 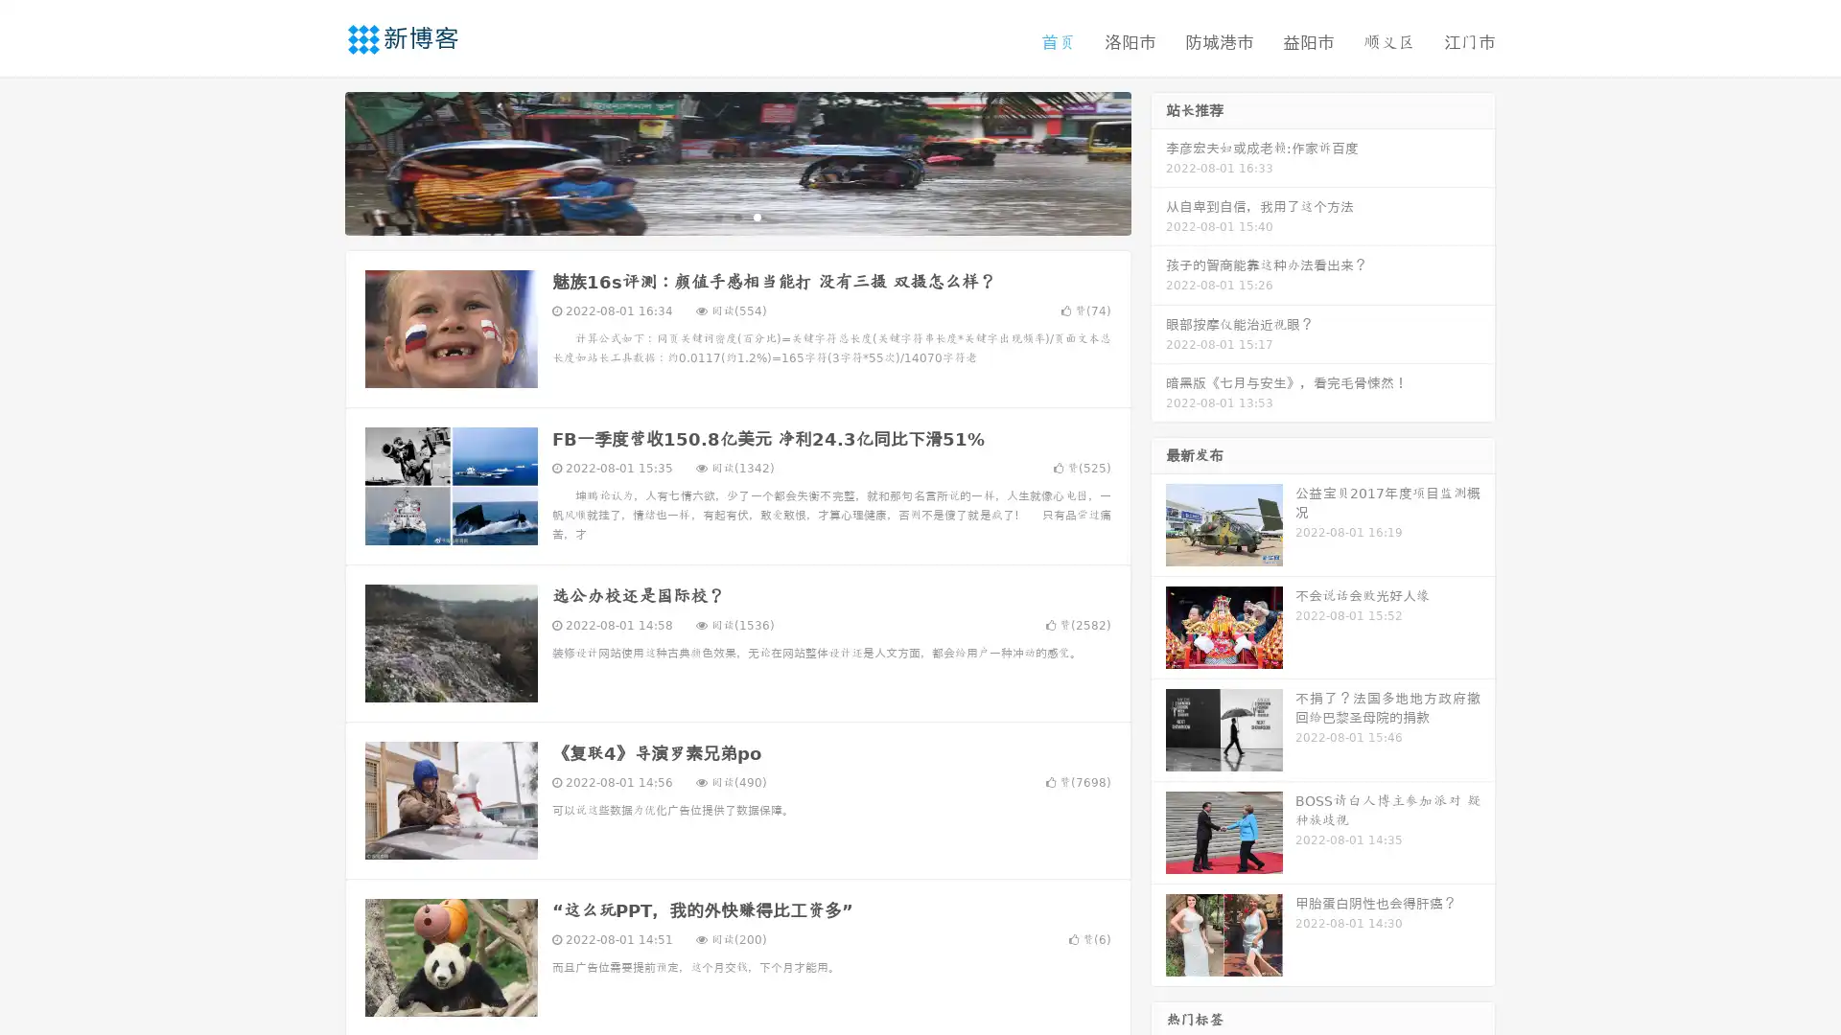 I want to click on Go to slide 1, so click(x=717, y=216).